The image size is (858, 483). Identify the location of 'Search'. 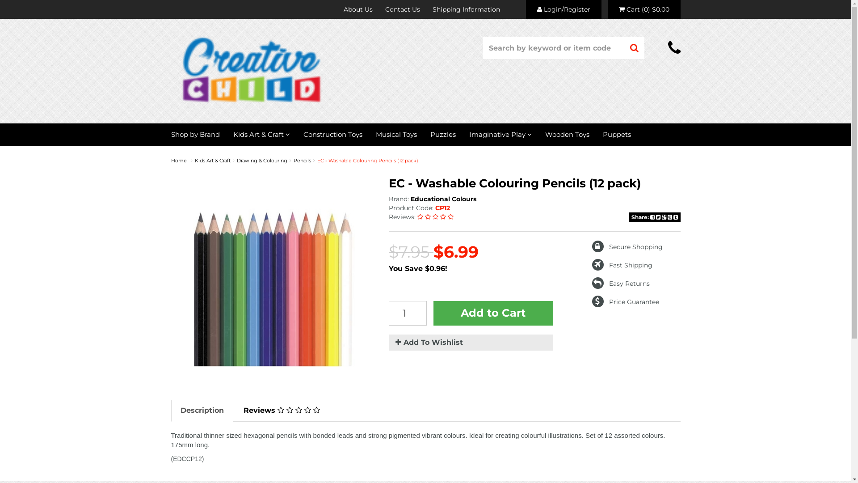
(624, 48).